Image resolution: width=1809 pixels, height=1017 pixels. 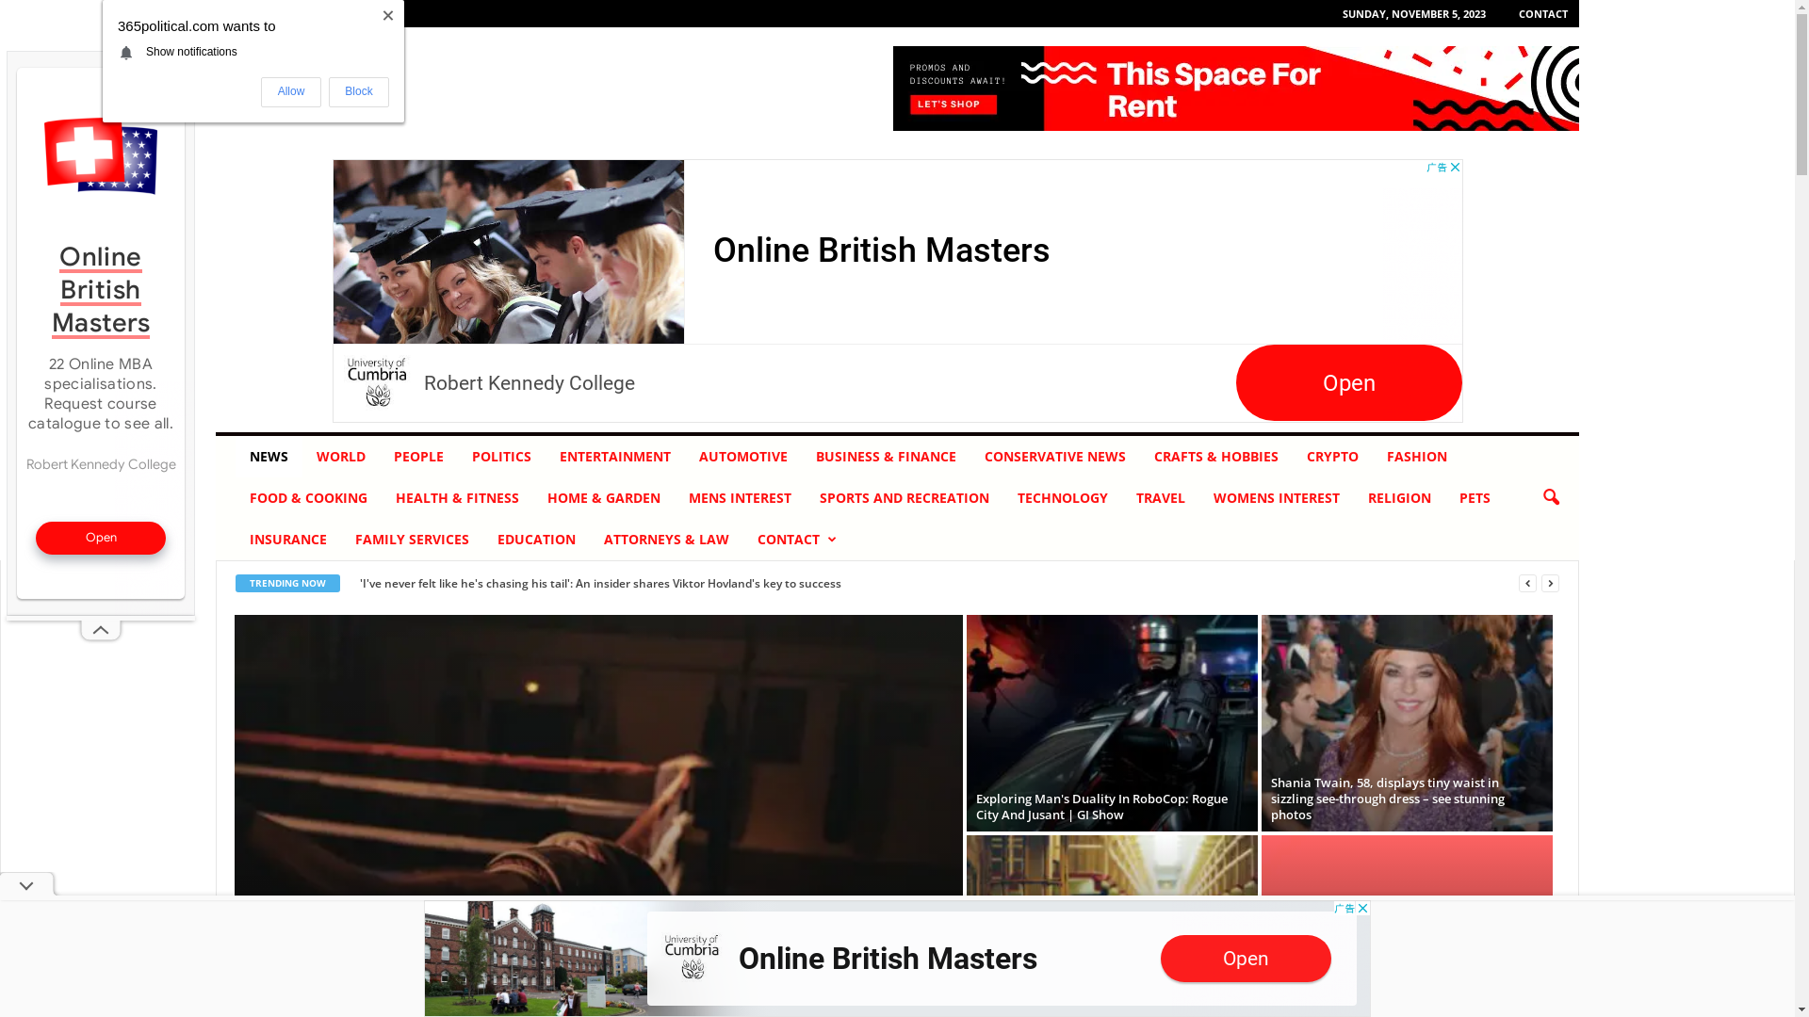 What do you see at coordinates (805, 496) in the screenshot?
I see `'SPORTS AND RECREATION'` at bounding box center [805, 496].